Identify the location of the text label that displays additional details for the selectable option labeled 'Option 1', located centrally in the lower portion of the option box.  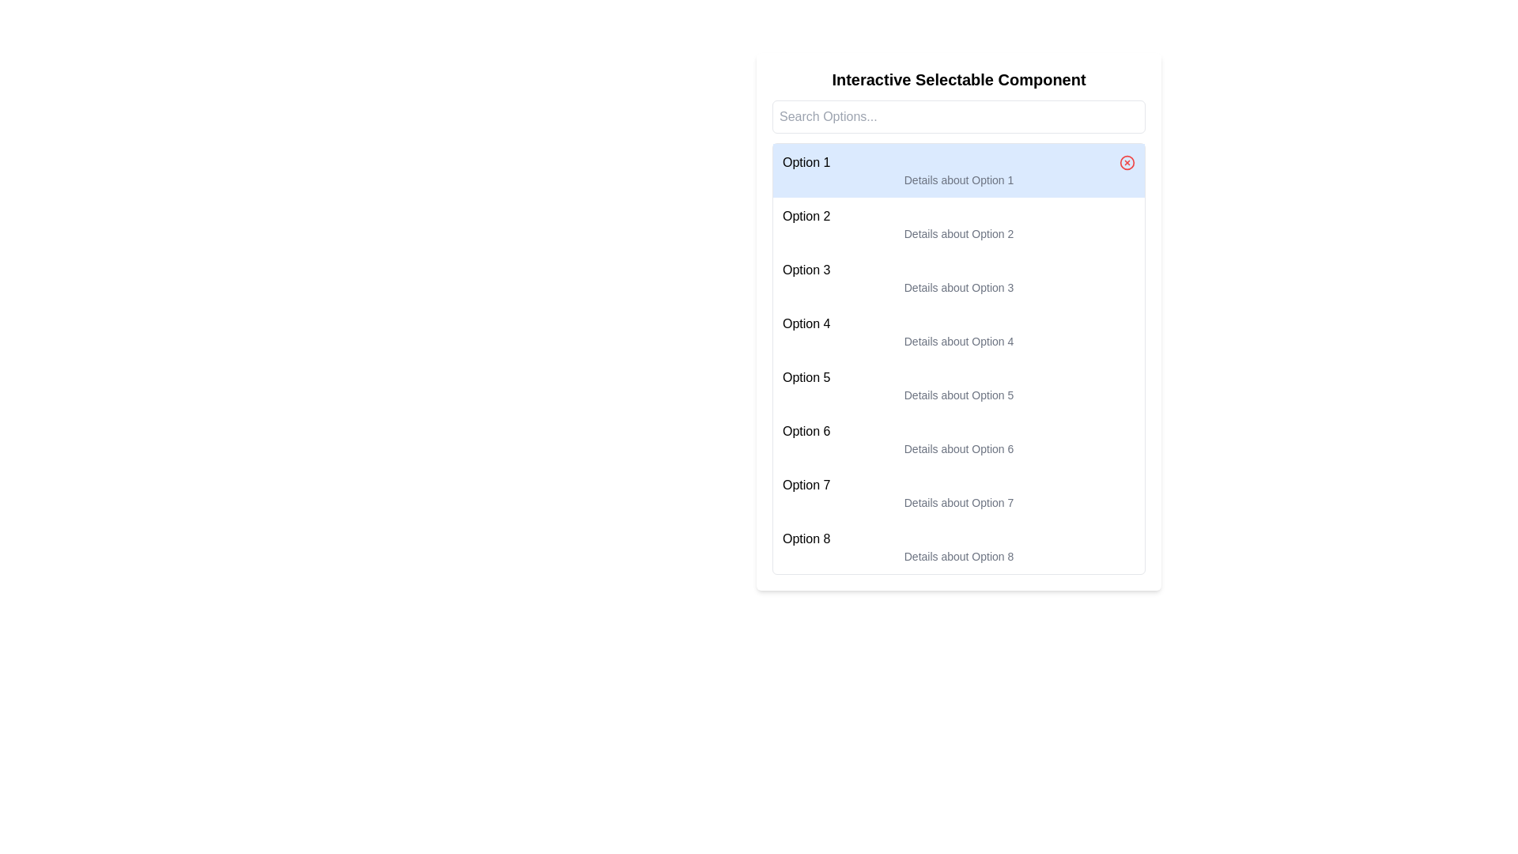
(958, 179).